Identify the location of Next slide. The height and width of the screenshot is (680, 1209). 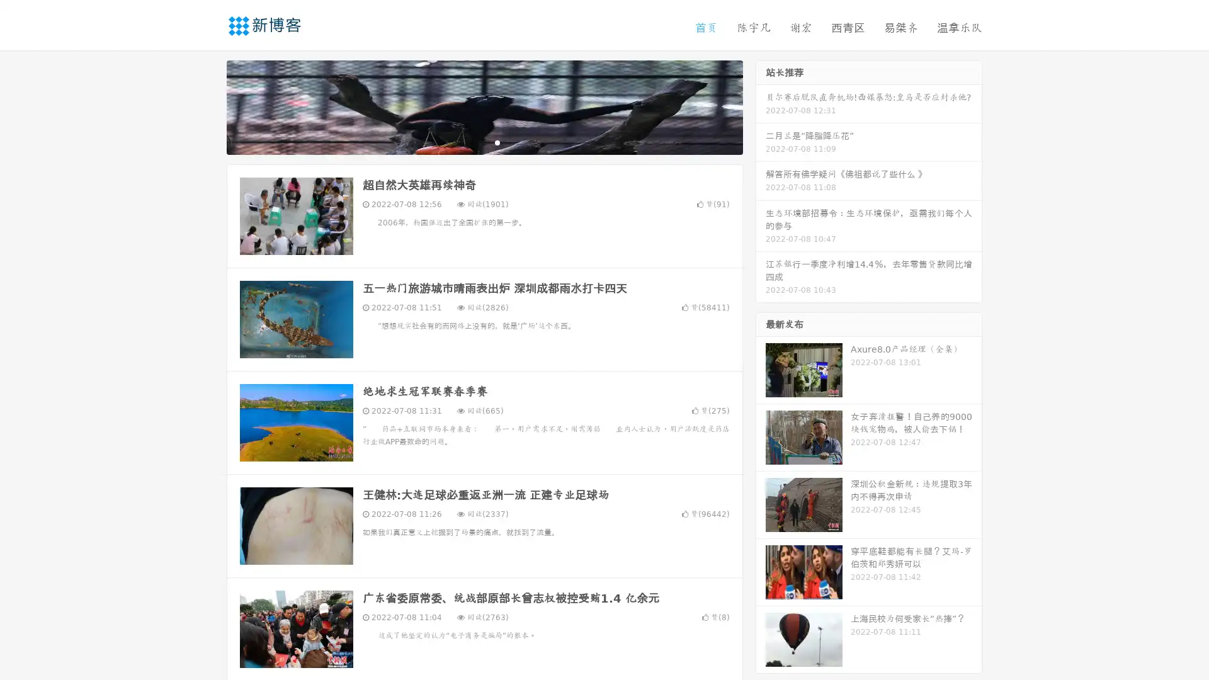
(761, 106).